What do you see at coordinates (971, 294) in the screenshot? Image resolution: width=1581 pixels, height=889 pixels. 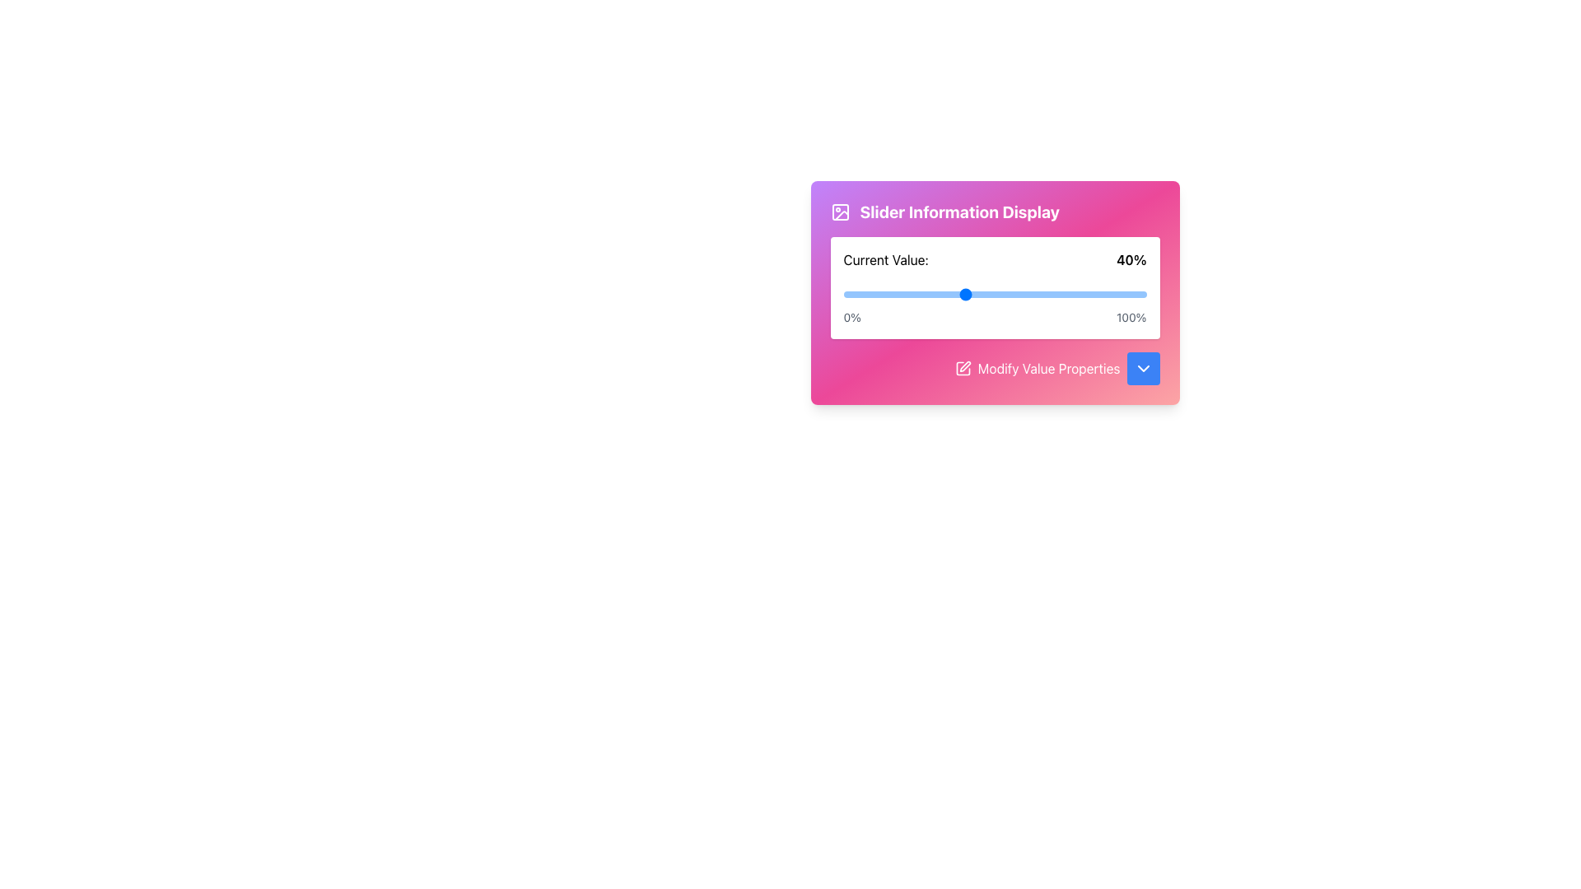 I see `the slider` at bounding box center [971, 294].